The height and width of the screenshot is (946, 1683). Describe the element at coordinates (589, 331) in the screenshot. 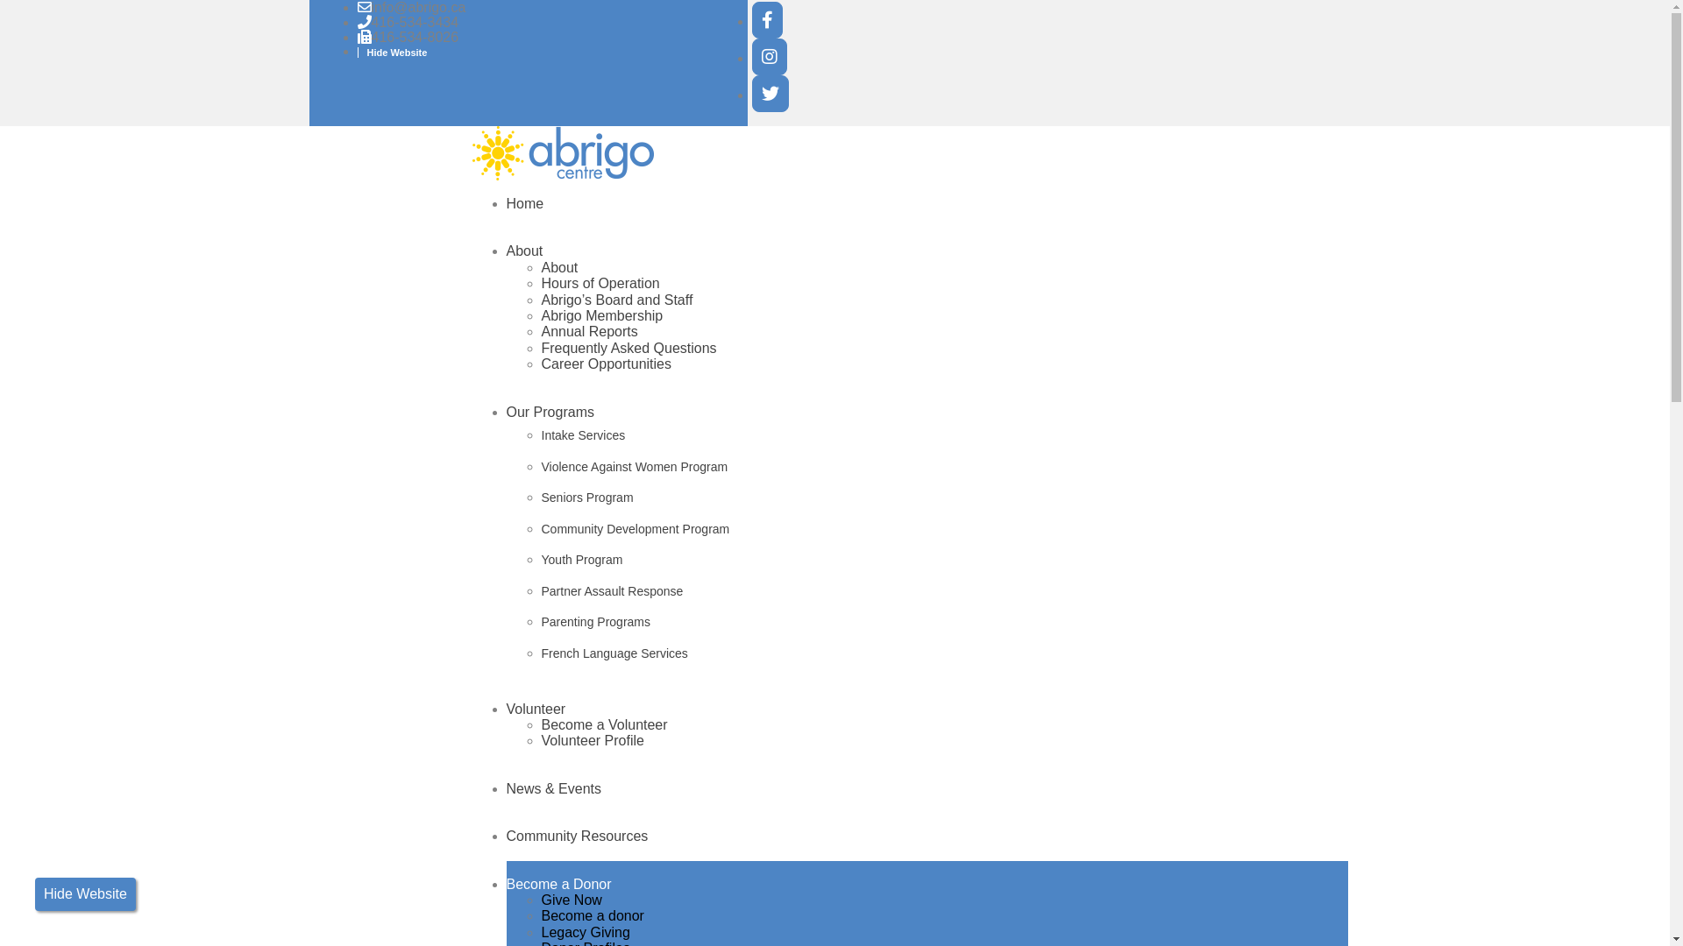

I see `'Annual Reports'` at that location.